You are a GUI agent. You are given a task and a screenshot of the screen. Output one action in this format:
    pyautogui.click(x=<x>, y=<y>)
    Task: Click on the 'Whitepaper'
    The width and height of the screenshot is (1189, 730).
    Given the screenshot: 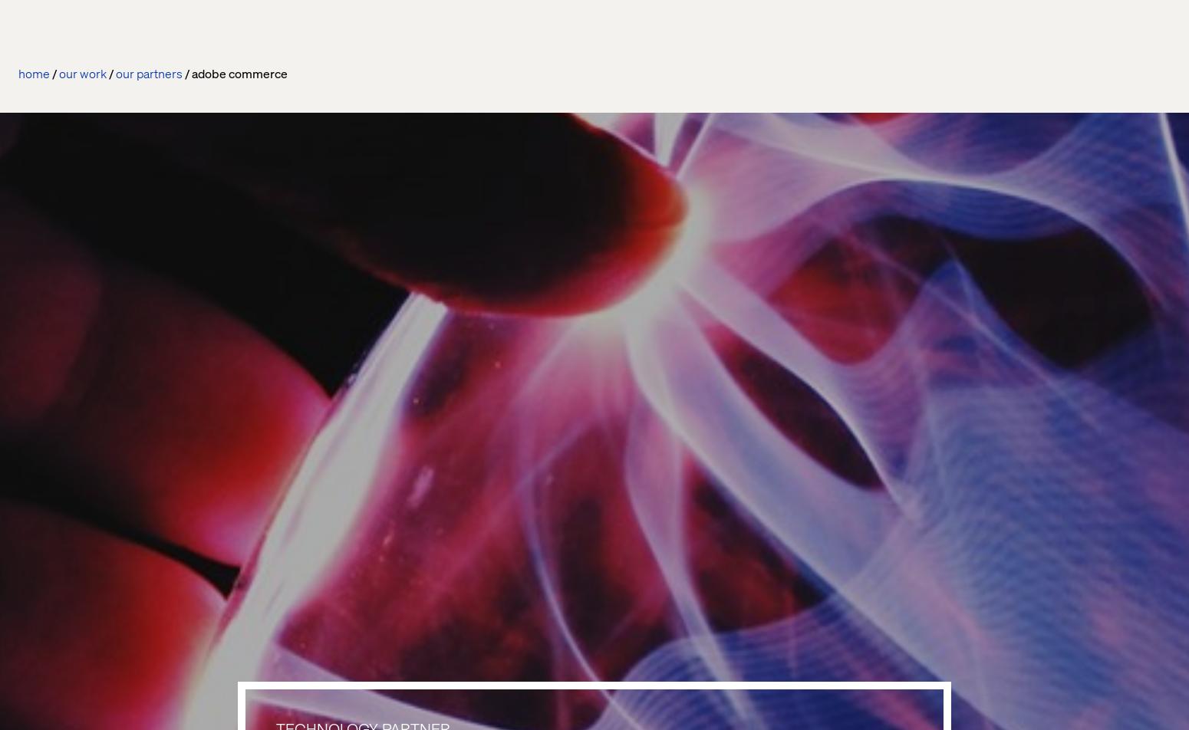 What is the action you would take?
    pyautogui.click(x=614, y=388)
    